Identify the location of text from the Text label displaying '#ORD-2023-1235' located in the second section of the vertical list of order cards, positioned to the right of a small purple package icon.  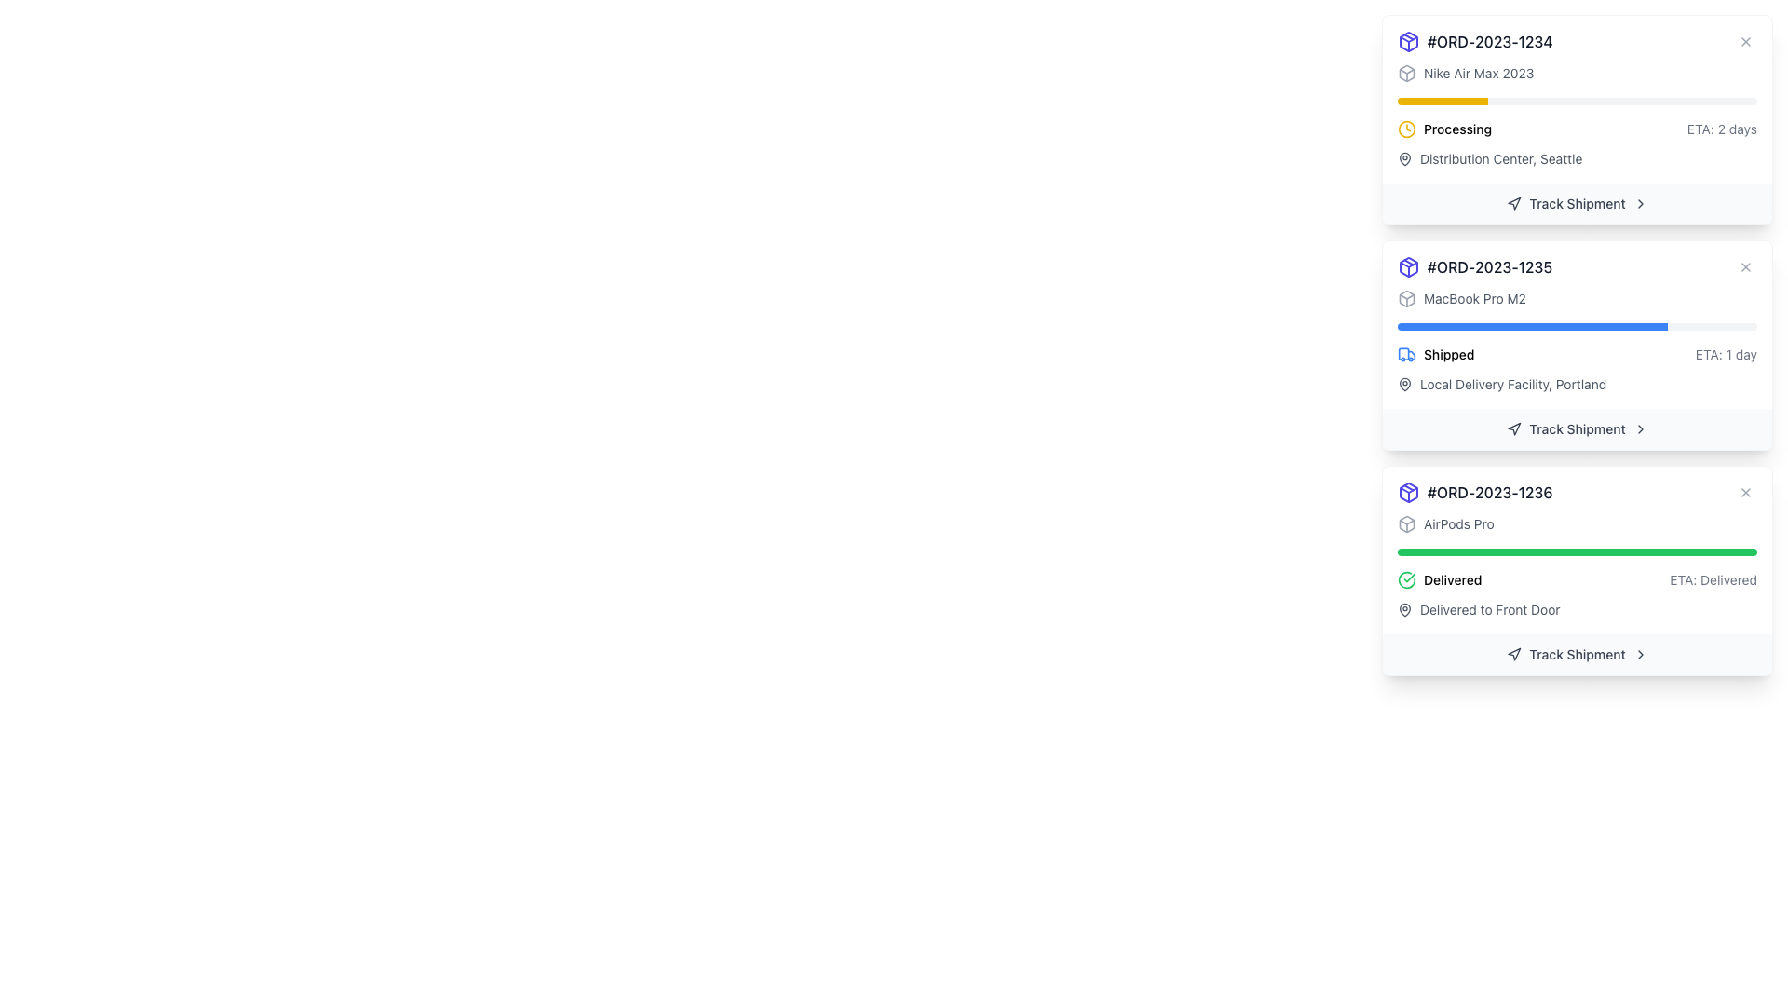
(1490, 266).